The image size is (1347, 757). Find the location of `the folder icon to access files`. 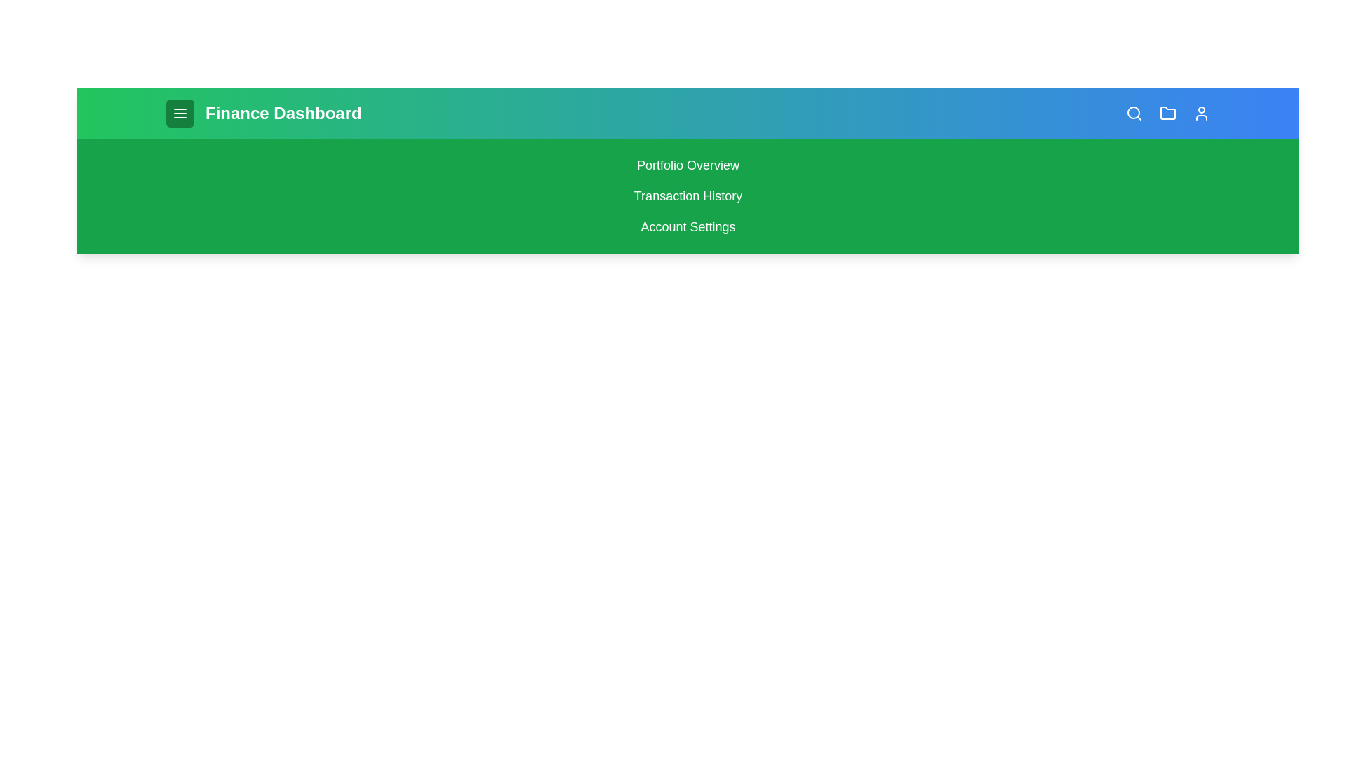

the folder icon to access files is located at coordinates (1168, 113).